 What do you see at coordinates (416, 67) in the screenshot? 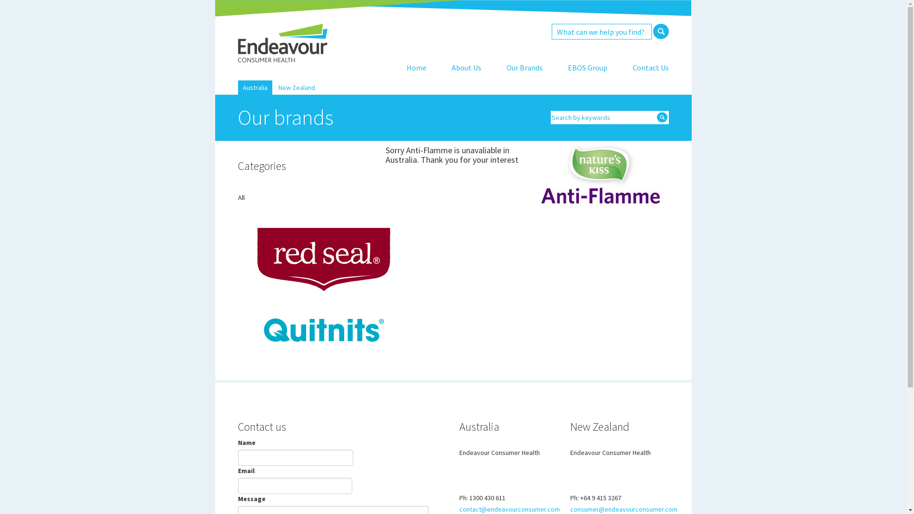
I see `'Home'` at bounding box center [416, 67].